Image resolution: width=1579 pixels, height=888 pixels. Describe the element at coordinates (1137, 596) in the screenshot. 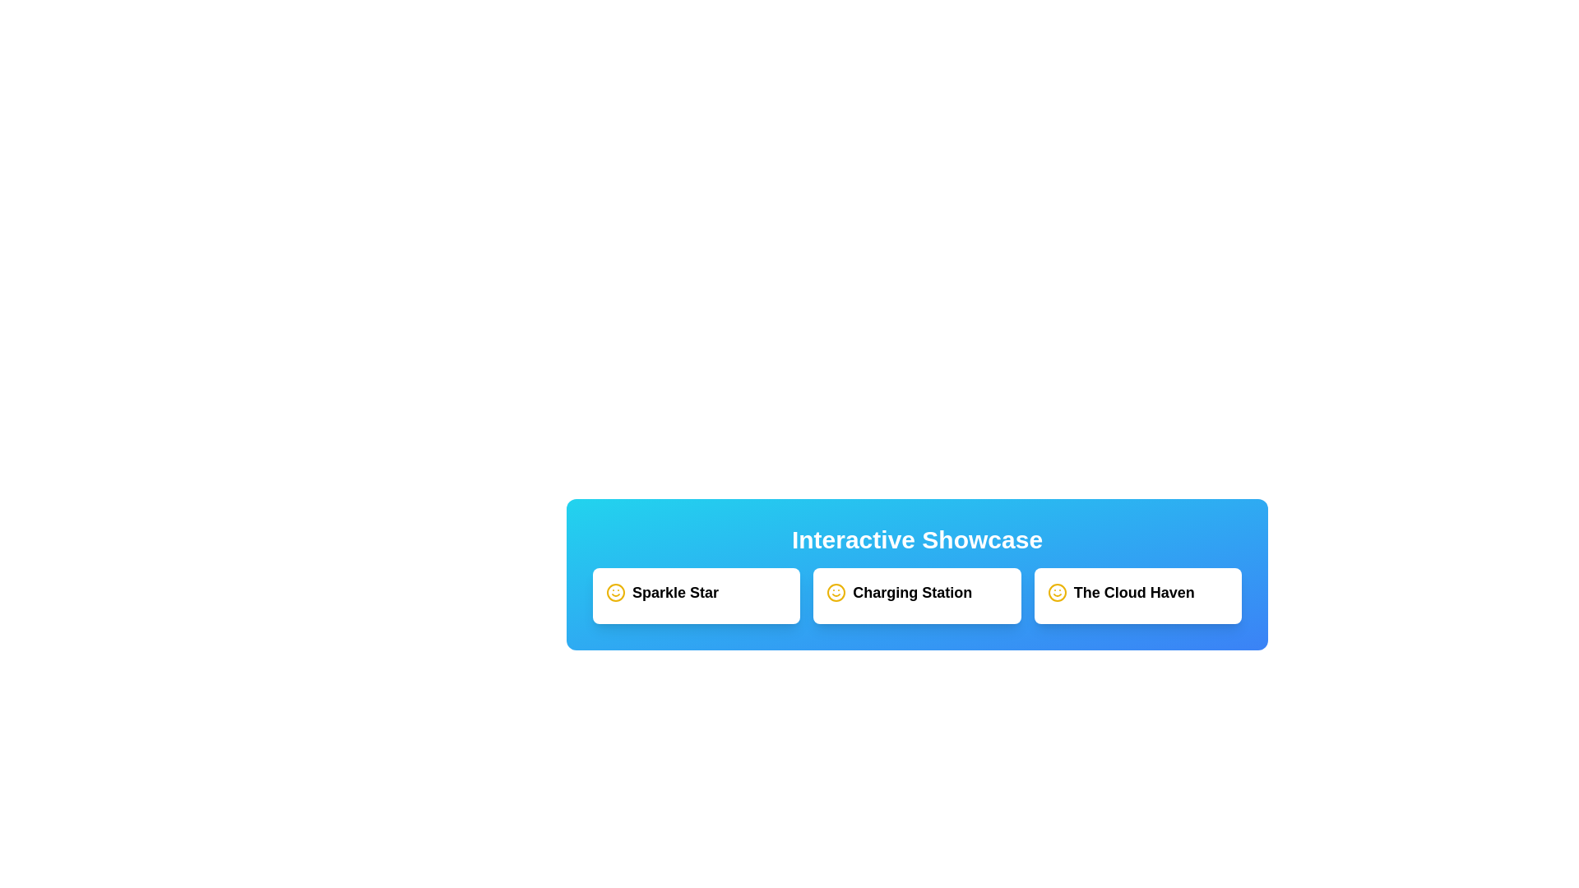

I see `the informational card for 'The Cloud Haven', which is the third card in a row of three cards, located to the right of the 'Charging Station' card` at that location.